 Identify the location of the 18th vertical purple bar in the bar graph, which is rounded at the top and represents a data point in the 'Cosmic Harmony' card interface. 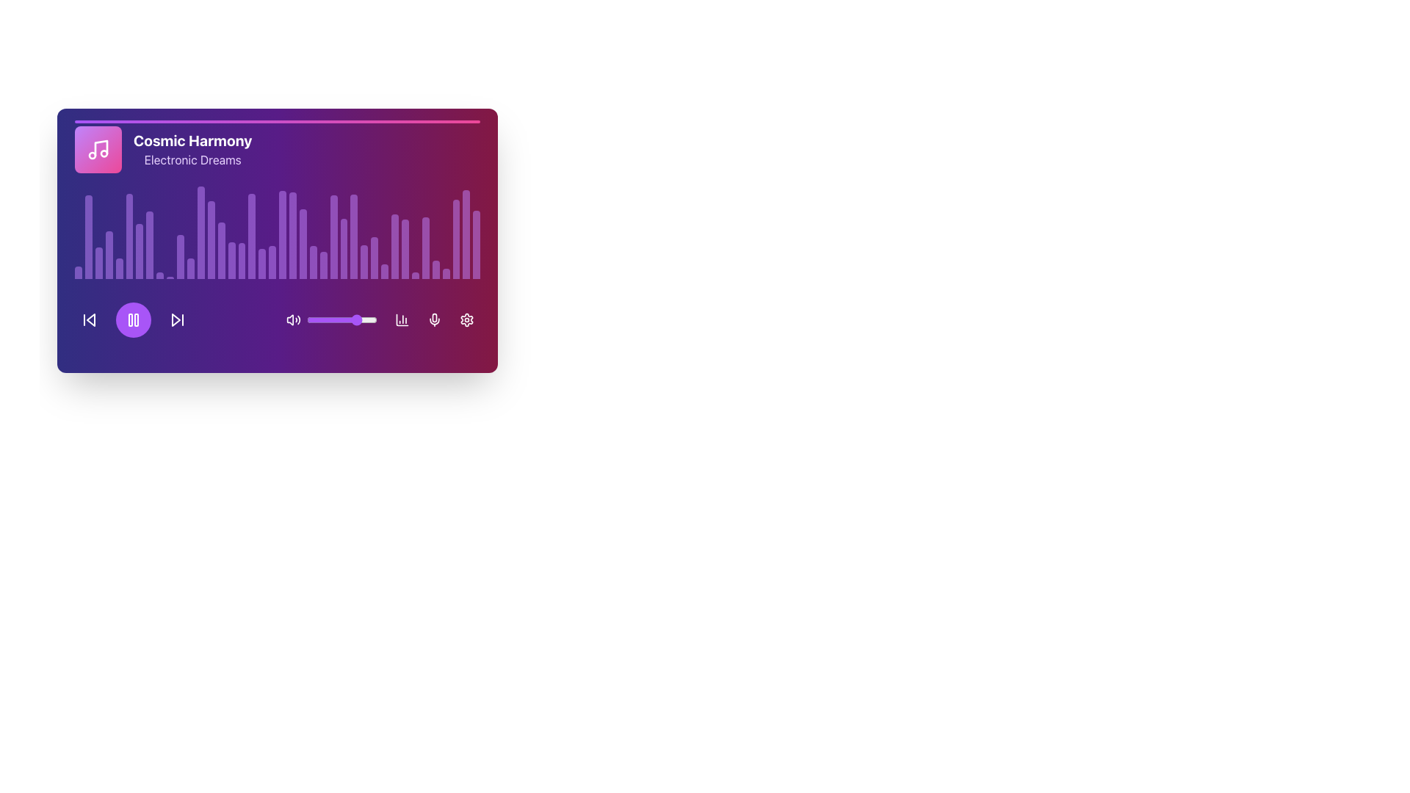
(252, 235).